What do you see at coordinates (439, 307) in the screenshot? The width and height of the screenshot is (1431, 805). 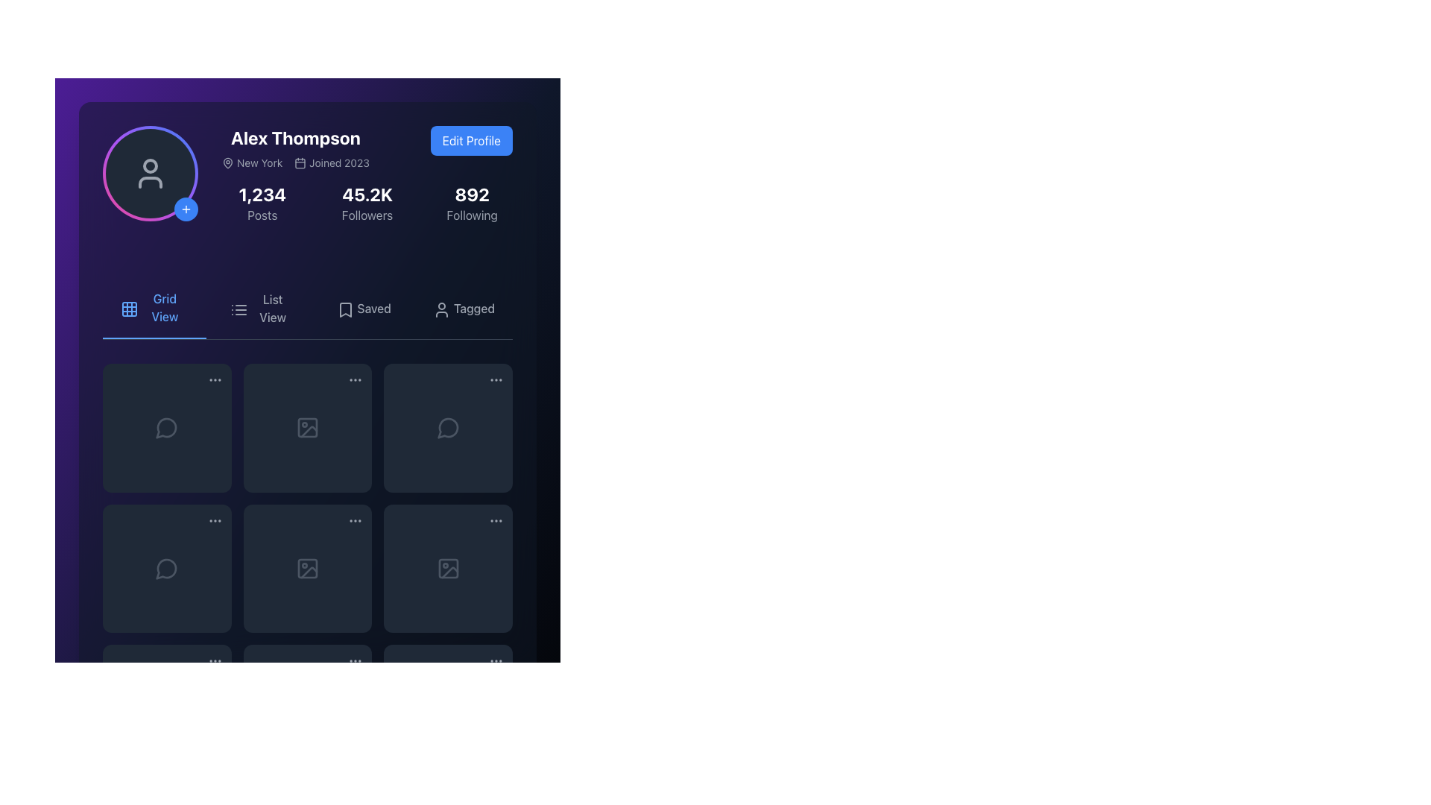 I see `the 'Tagged' icon located` at bounding box center [439, 307].